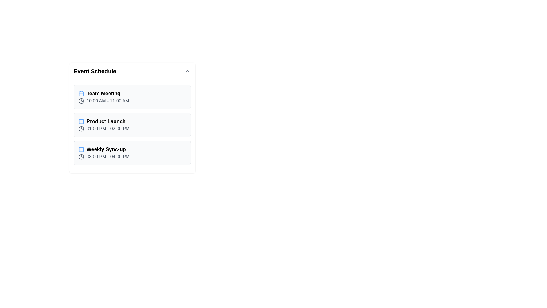 The image size is (547, 308). Describe the element at coordinates (81, 121) in the screenshot. I see `the rectangular component with rounded corners located at the center of the calendar icon for the 'Product Launch' event in the 'Event Schedule' list` at that location.